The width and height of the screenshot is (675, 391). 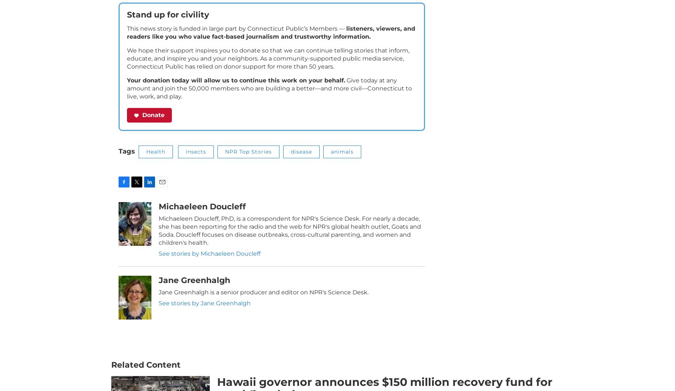 What do you see at coordinates (194, 291) in the screenshot?
I see `'Jane Greenhalgh'` at bounding box center [194, 291].